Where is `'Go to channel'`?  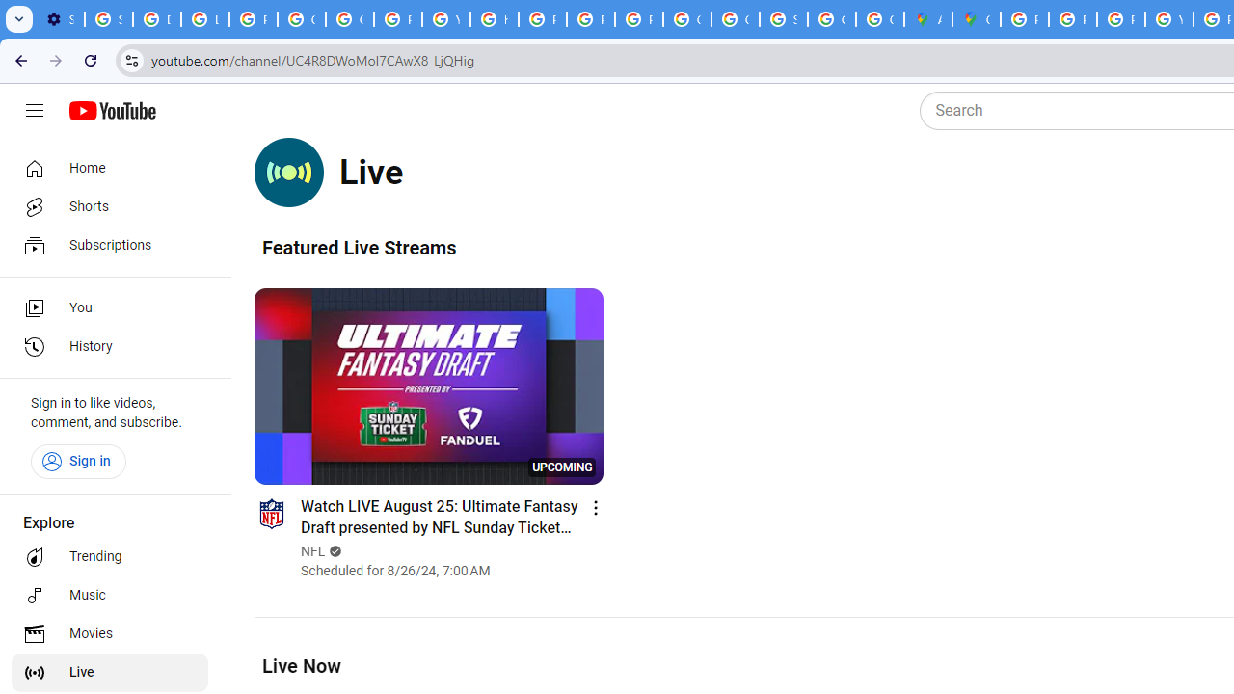
'Go to channel' is located at coordinates (270, 512).